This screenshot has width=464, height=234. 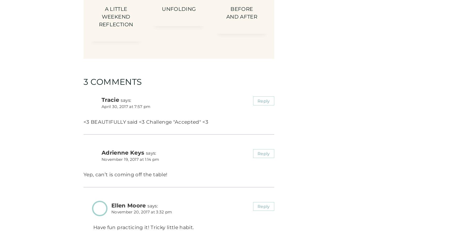 What do you see at coordinates (113, 81) in the screenshot?
I see `'3 Comments'` at bounding box center [113, 81].